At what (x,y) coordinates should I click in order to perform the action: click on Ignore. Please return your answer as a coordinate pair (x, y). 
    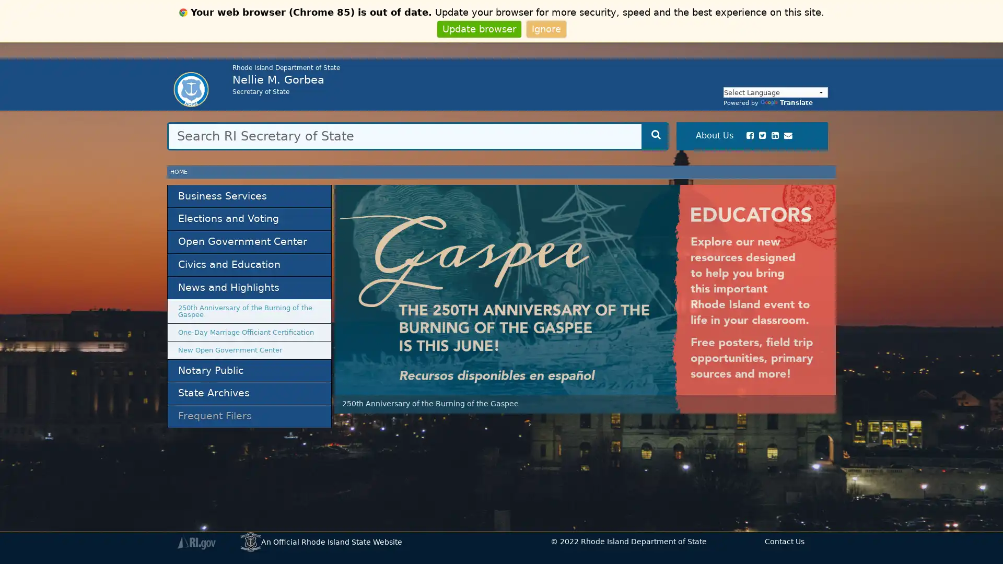
    Looking at the image, I should click on (545, 28).